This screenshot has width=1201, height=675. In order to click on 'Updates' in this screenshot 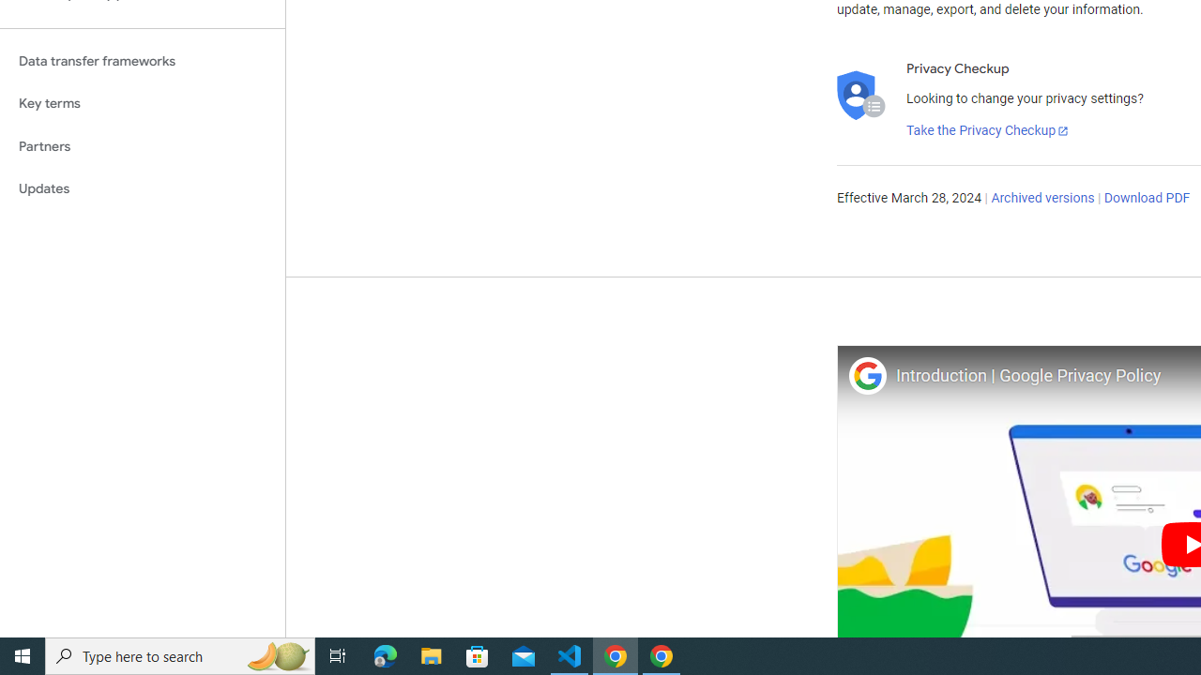, I will do `click(142, 188)`.